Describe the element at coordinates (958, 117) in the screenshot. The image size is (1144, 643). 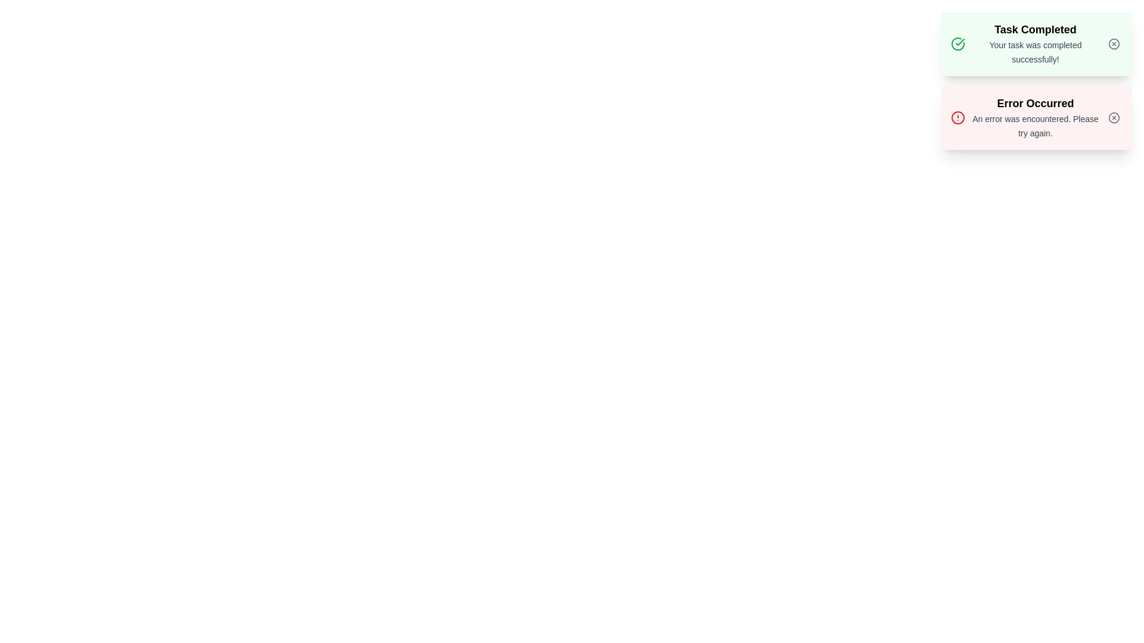
I see `the error alert icon located on the left side of the notification box with a red background, which indicates an error with the title 'Error Occurred'` at that location.